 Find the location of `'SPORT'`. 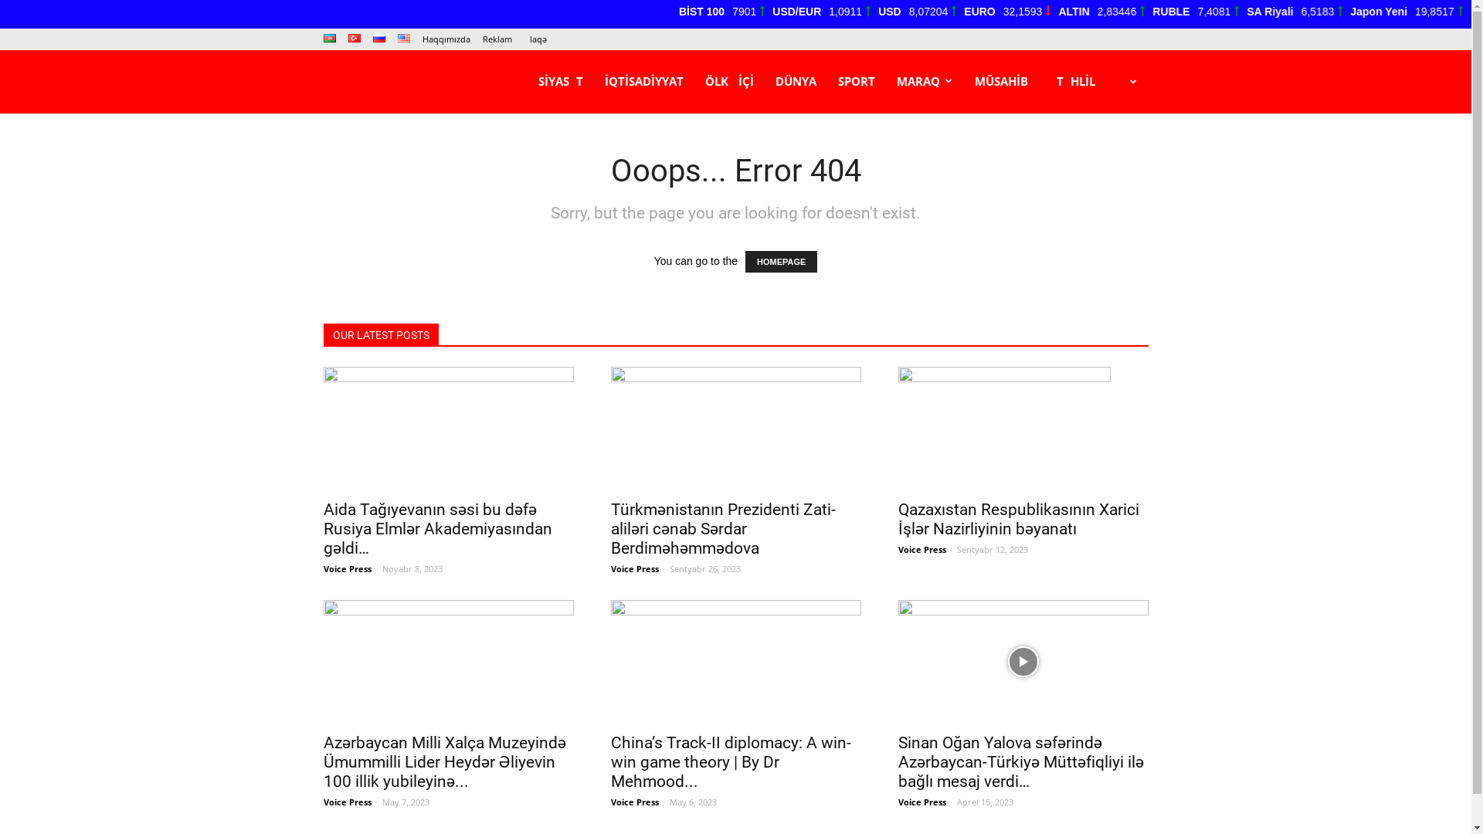

'SPORT' is located at coordinates (855, 80).